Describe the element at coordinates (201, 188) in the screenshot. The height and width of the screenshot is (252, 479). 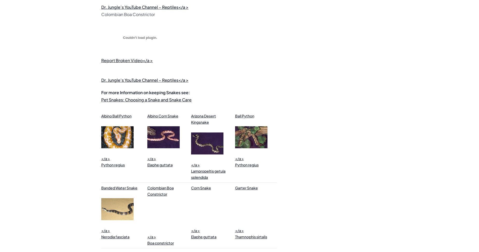
I see `'Corn Snake'` at that location.